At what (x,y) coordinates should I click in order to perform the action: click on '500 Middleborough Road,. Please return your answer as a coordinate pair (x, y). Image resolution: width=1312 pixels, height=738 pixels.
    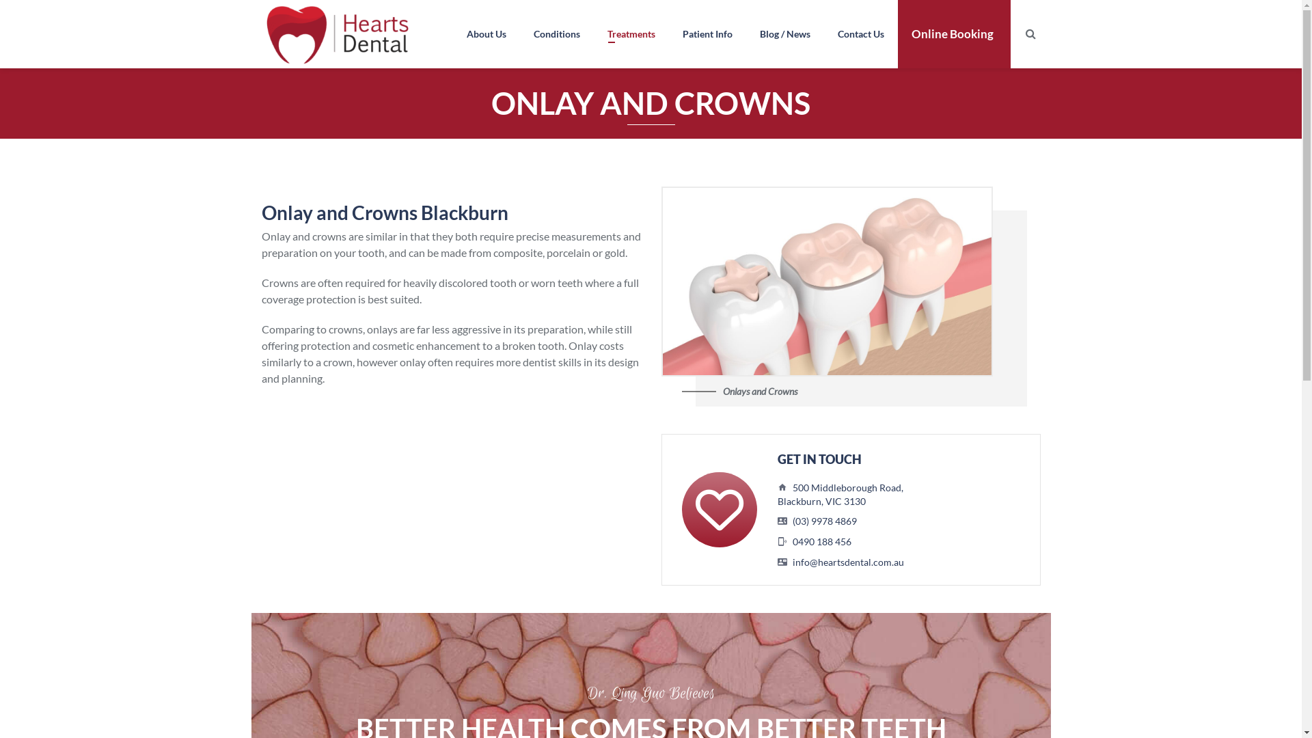
    Looking at the image, I should click on (839, 494).